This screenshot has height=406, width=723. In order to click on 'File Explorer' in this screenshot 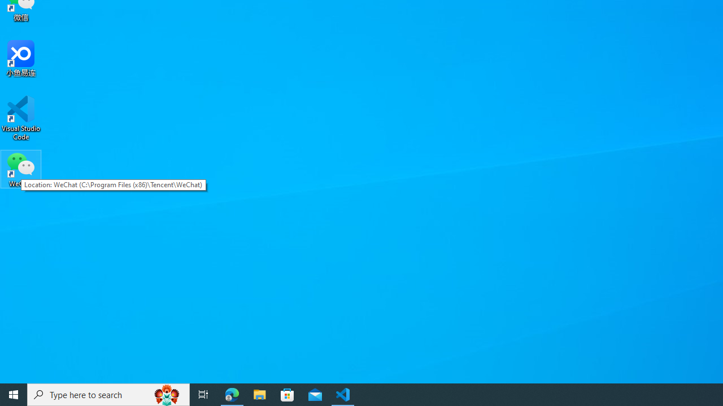, I will do `click(259, 394)`.